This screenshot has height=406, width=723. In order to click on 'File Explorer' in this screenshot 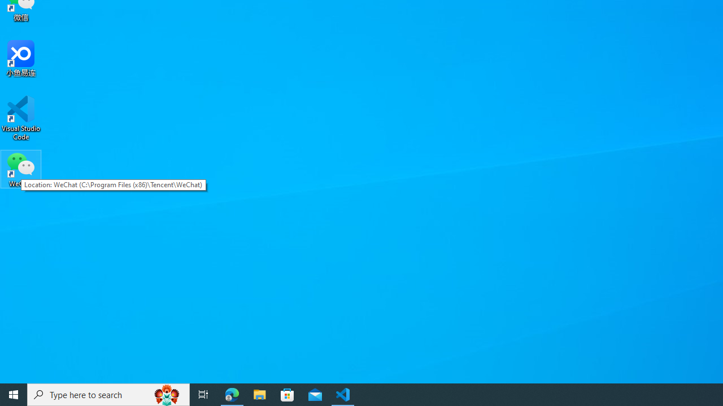, I will do `click(259, 394)`.